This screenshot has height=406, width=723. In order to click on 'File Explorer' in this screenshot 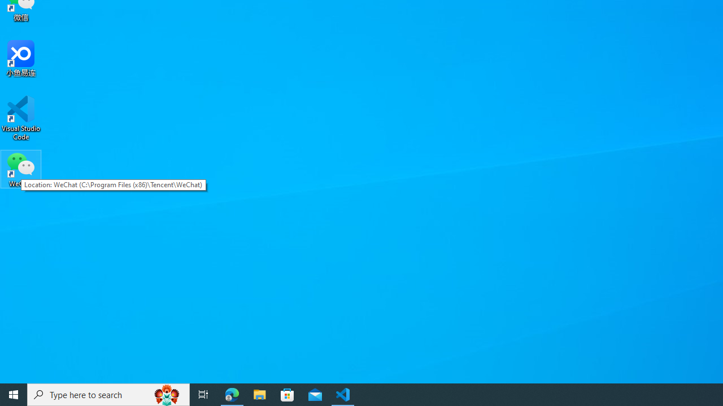, I will do `click(259, 394)`.